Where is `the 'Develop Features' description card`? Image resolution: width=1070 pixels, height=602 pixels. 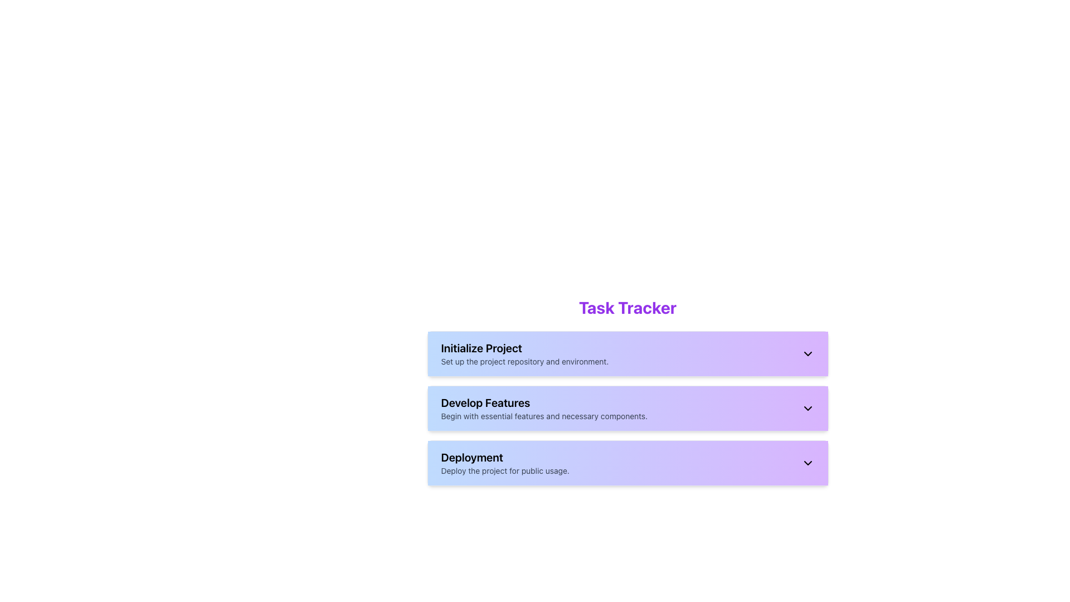
the 'Develop Features' description card is located at coordinates (628, 391).